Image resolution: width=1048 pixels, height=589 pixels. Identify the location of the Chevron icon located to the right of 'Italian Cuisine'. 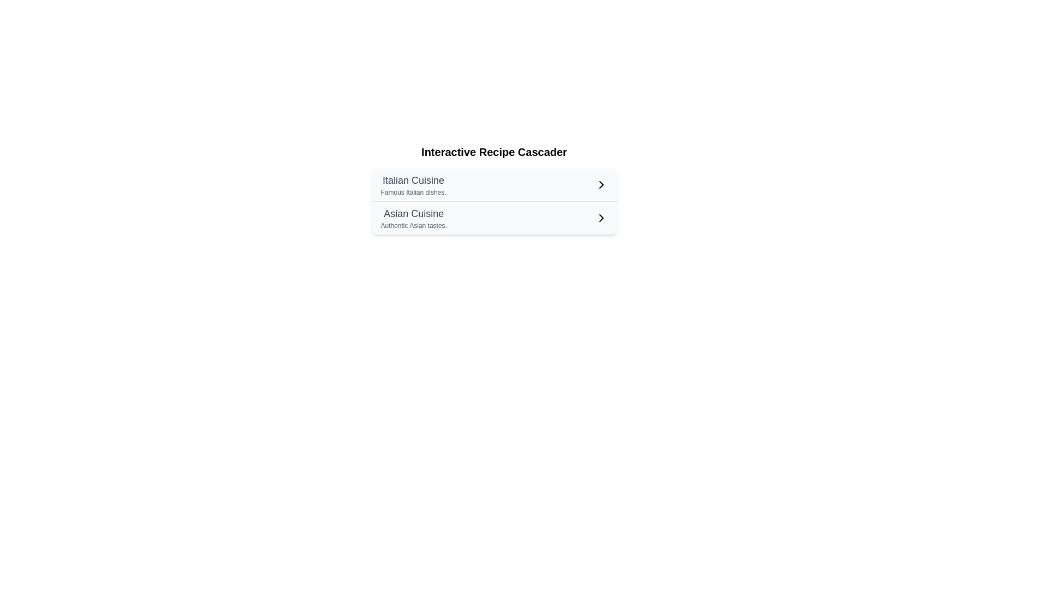
(600, 184).